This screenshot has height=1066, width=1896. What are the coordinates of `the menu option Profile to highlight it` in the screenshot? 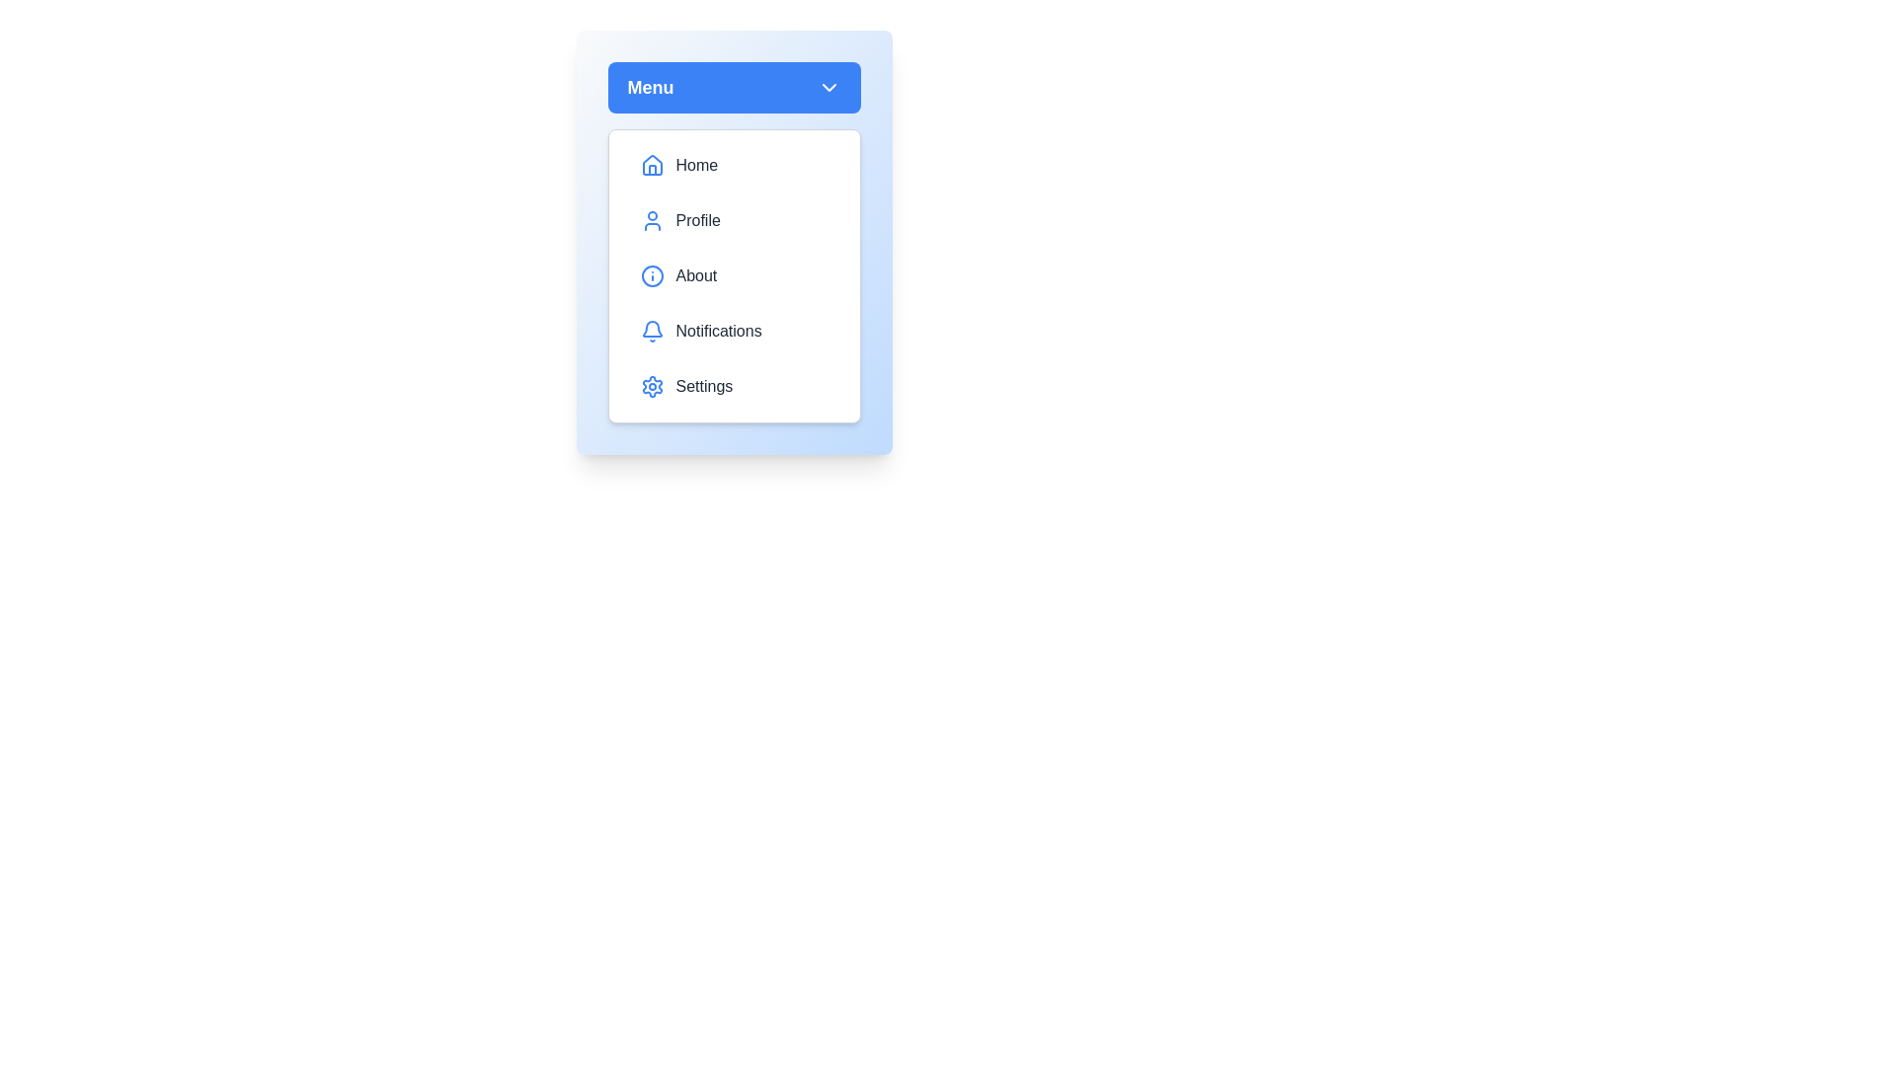 It's located at (733, 220).